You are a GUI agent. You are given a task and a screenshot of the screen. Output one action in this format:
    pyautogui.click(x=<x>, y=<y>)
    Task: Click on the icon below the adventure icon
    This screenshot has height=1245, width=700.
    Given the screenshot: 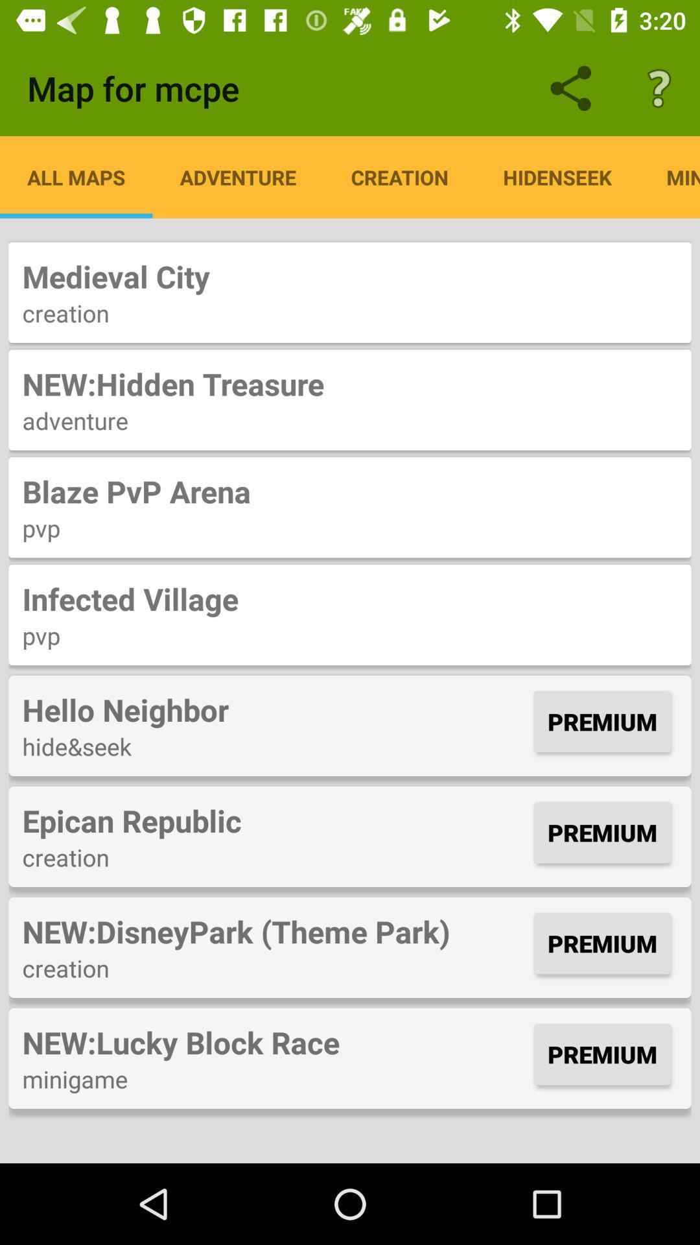 What is the action you would take?
    pyautogui.click(x=350, y=490)
    